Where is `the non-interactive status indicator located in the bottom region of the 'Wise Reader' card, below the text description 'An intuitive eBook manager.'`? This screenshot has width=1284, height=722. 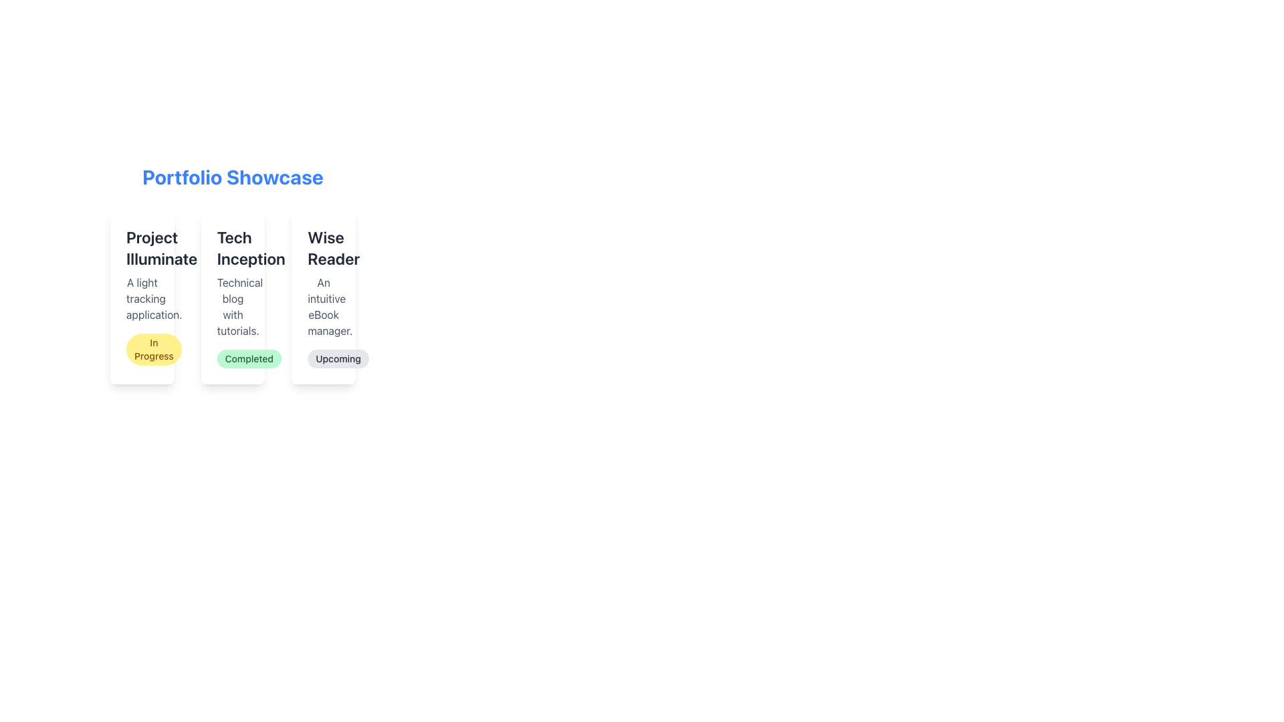 the non-interactive status indicator located in the bottom region of the 'Wise Reader' card, below the text description 'An intuitive eBook manager.' is located at coordinates (338, 358).